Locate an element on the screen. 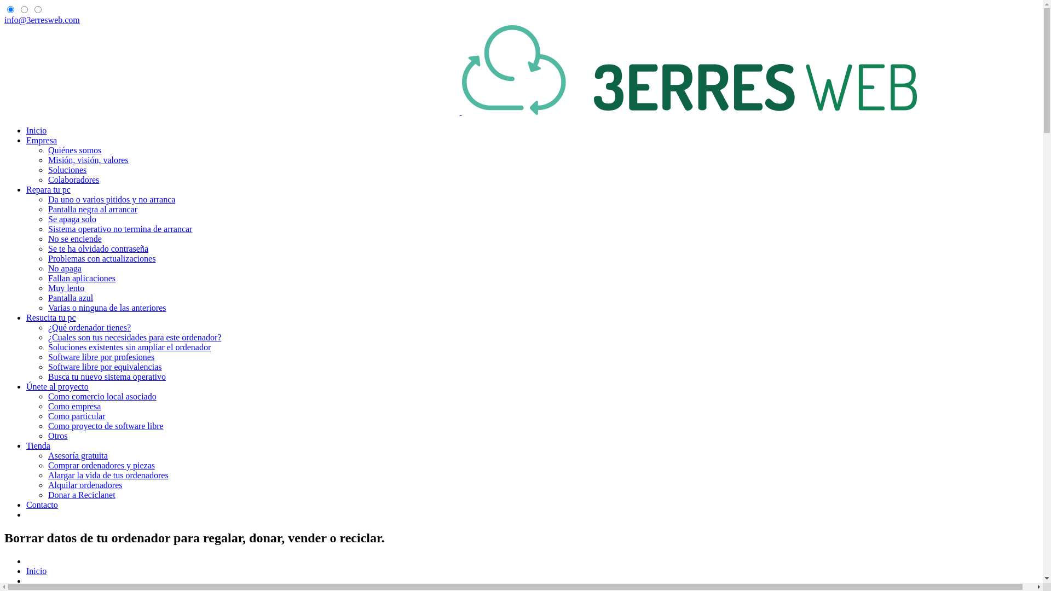 The height and width of the screenshot is (591, 1051). 'Como empresa' is located at coordinates (73, 406).